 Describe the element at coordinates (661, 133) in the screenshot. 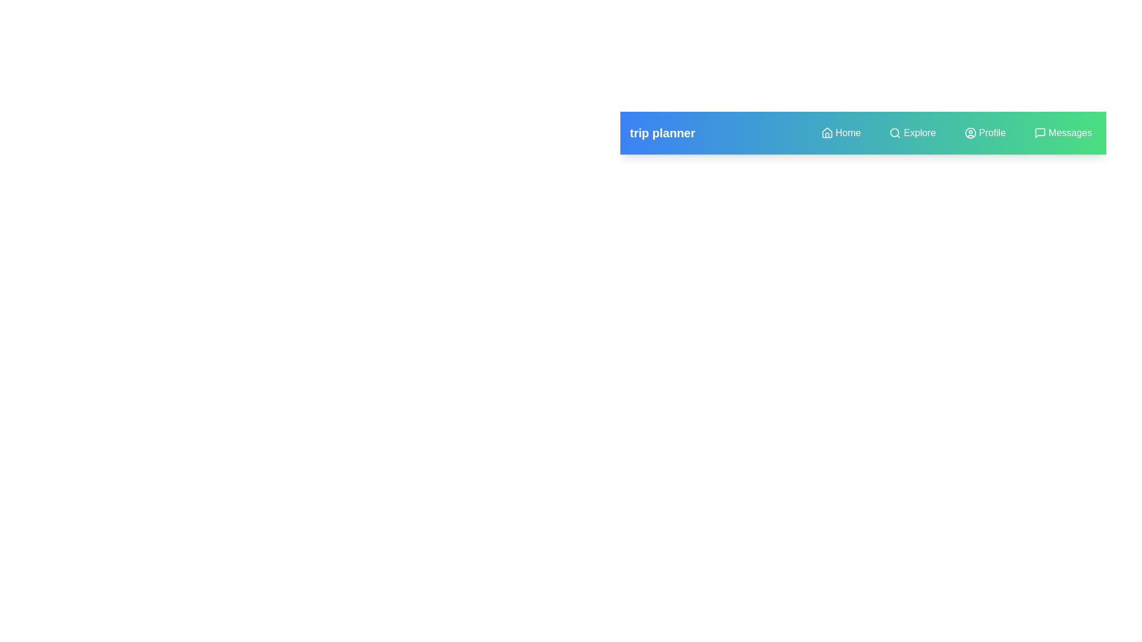

I see `the 'trip planner' heading` at that location.